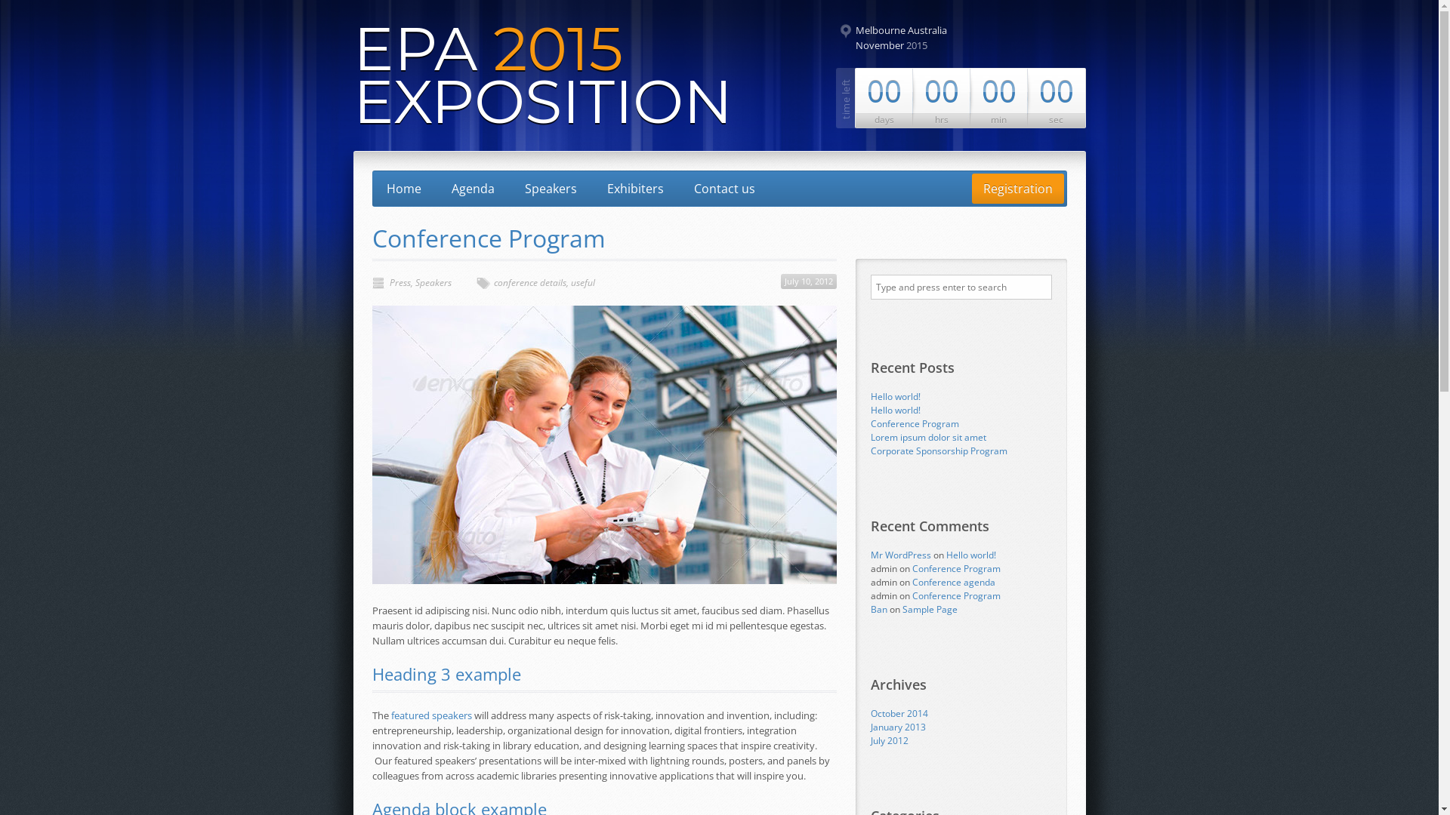  What do you see at coordinates (634, 188) in the screenshot?
I see `'Exhibiters'` at bounding box center [634, 188].